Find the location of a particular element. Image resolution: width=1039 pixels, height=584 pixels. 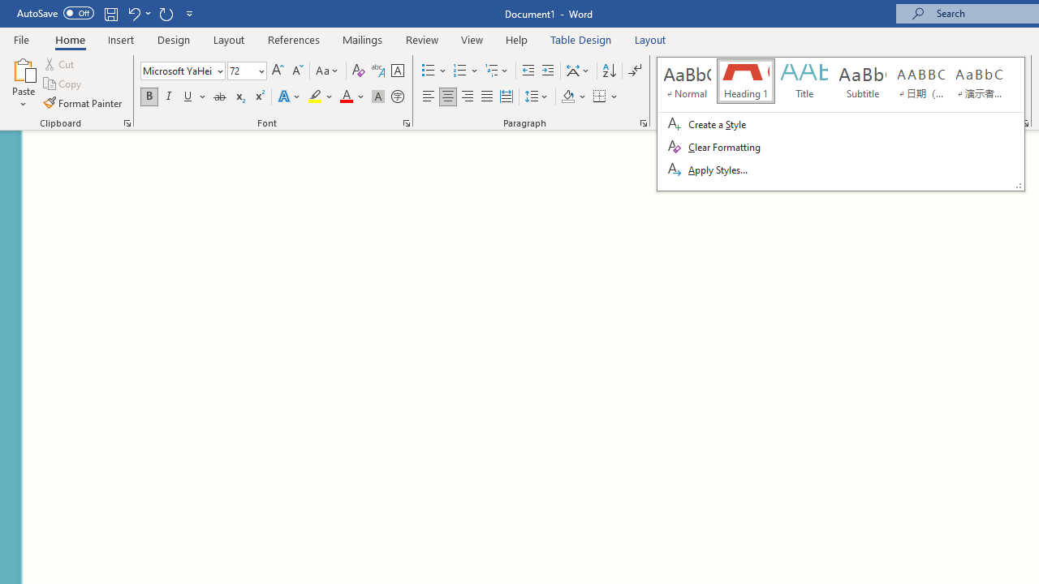

'Align Right' is located at coordinates (467, 97).